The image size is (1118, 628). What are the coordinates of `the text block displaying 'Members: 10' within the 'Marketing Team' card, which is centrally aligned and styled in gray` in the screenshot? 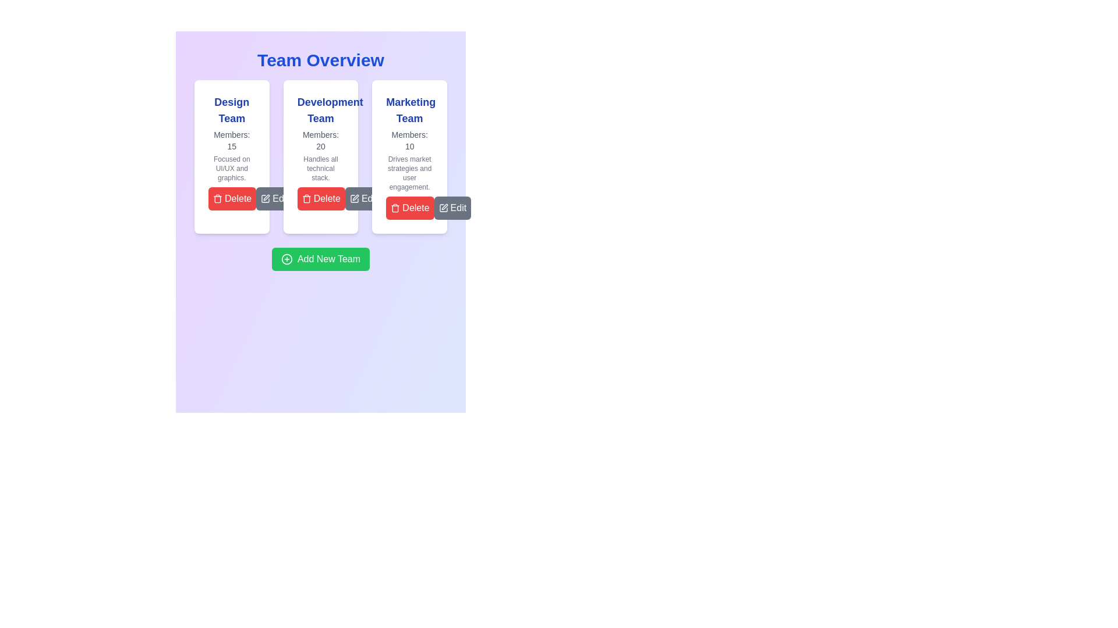 It's located at (409, 140).